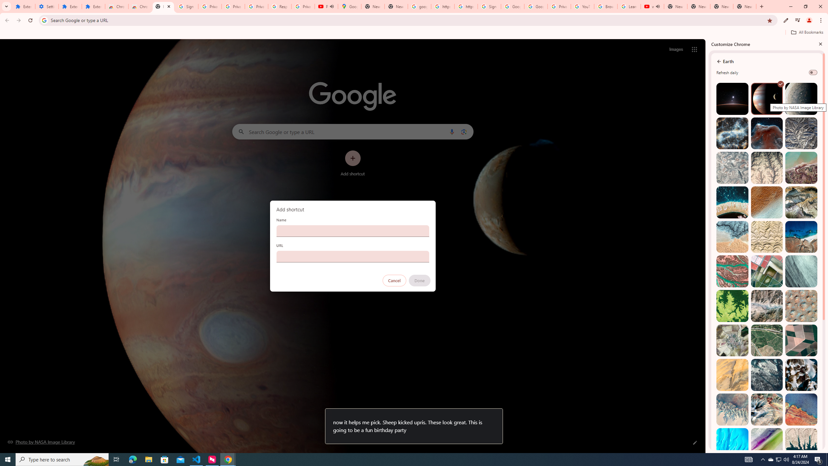  Describe the element at coordinates (419, 280) in the screenshot. I see `'Done'` at that location.